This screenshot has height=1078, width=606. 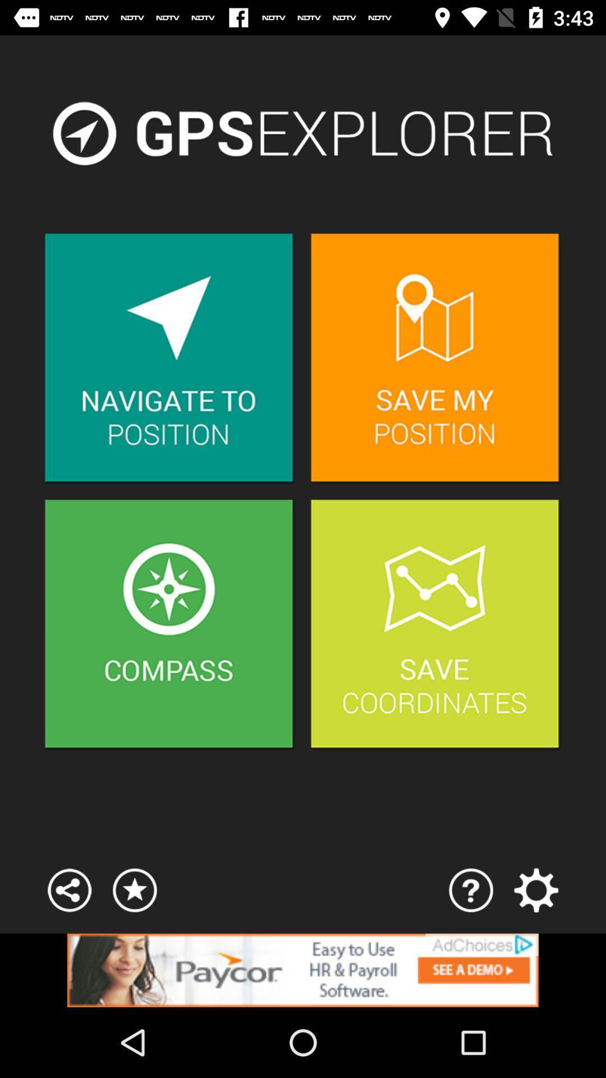 I want to click on open menu, so click(x=535, y=889).